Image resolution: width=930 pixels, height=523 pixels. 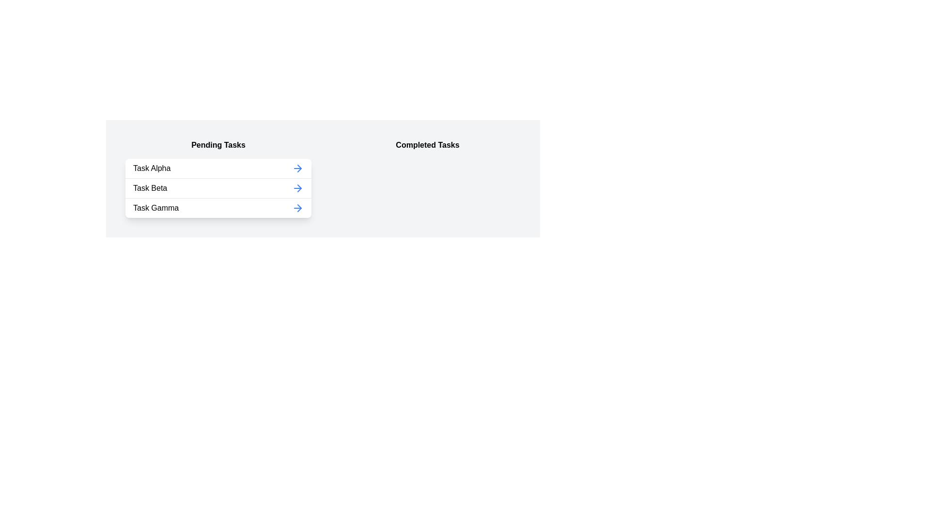 What do you see at coordinates (297, 188) in the screenshot?
I see `the arrow button next to the task Task Beta to move it to the 'Completed Tasks' list` at bounding box center [297, 188].